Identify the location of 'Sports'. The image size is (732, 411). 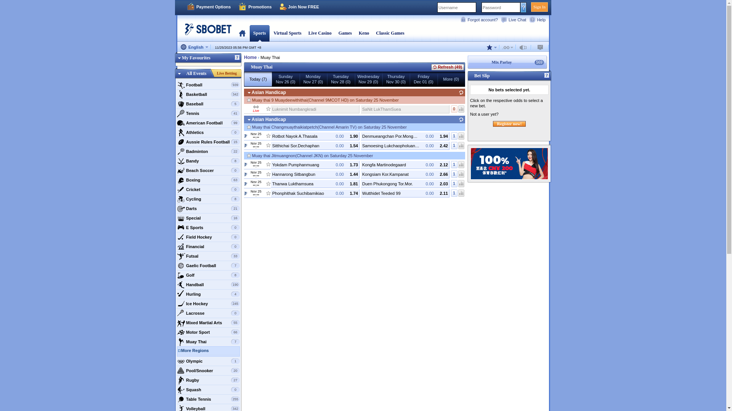
(259, 33).